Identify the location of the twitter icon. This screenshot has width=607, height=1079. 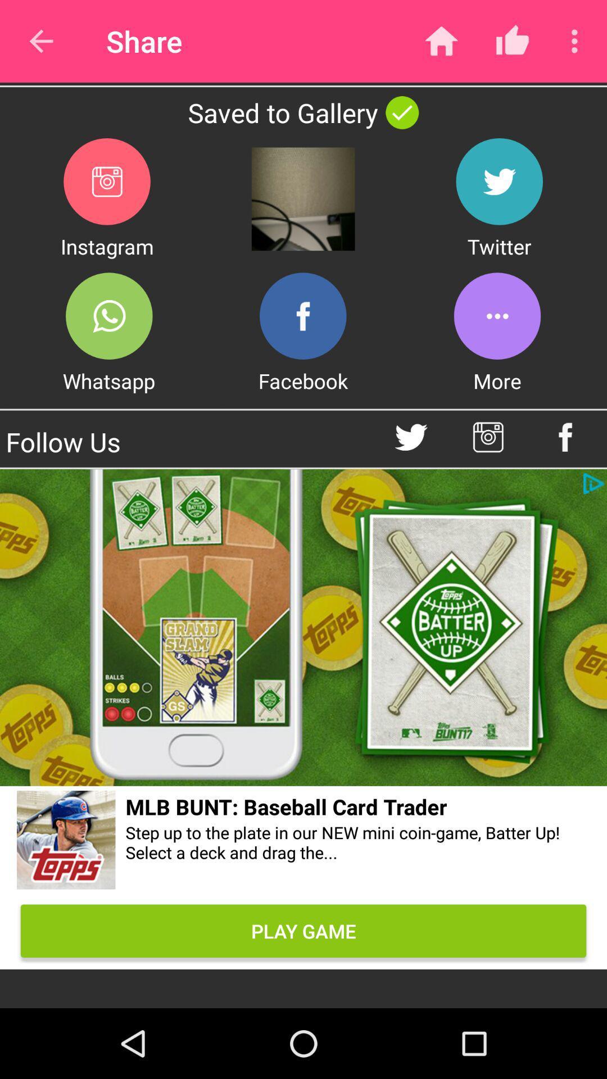
(499, 182).